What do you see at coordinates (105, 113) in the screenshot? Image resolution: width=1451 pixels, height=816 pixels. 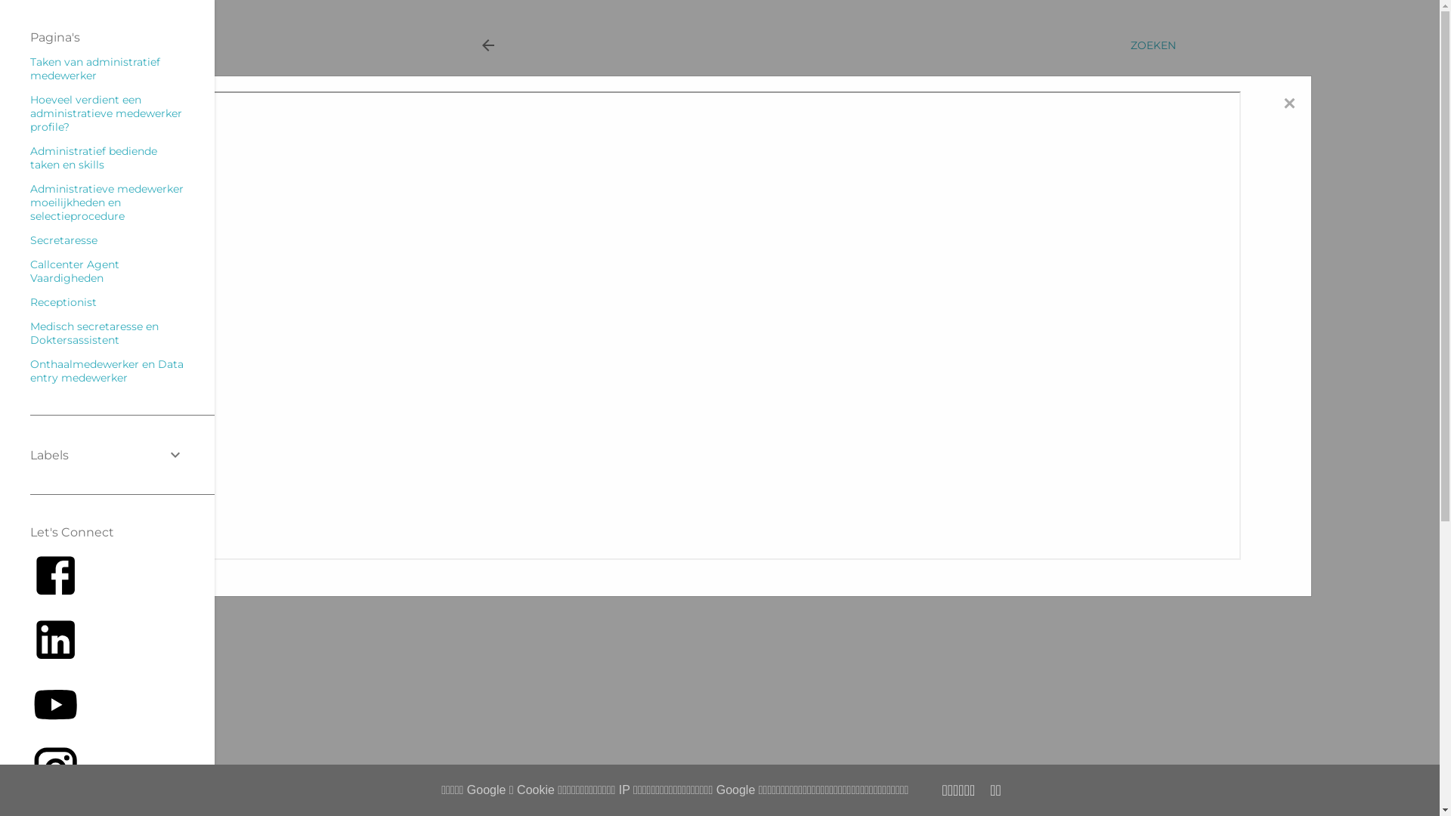 I see `'Hoeveel verdient een administratieve medewerker profile?'` at bounding box center [105, 113].